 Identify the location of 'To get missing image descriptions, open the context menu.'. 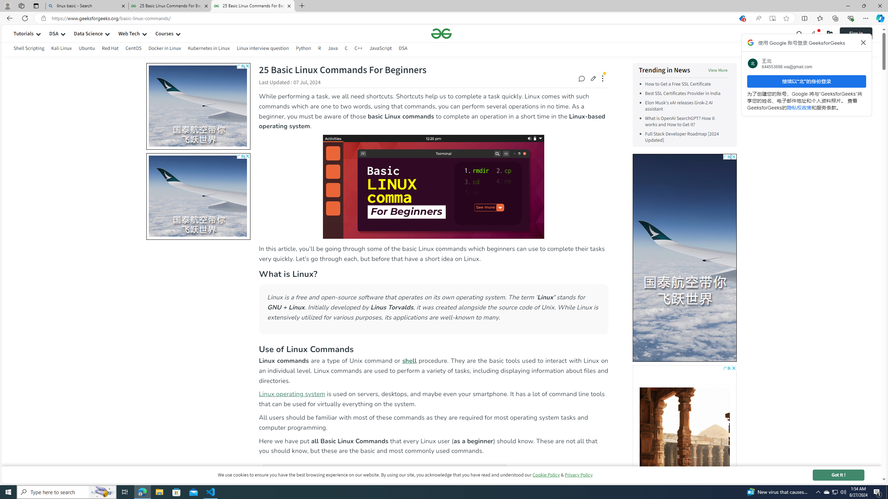
(684, 252).